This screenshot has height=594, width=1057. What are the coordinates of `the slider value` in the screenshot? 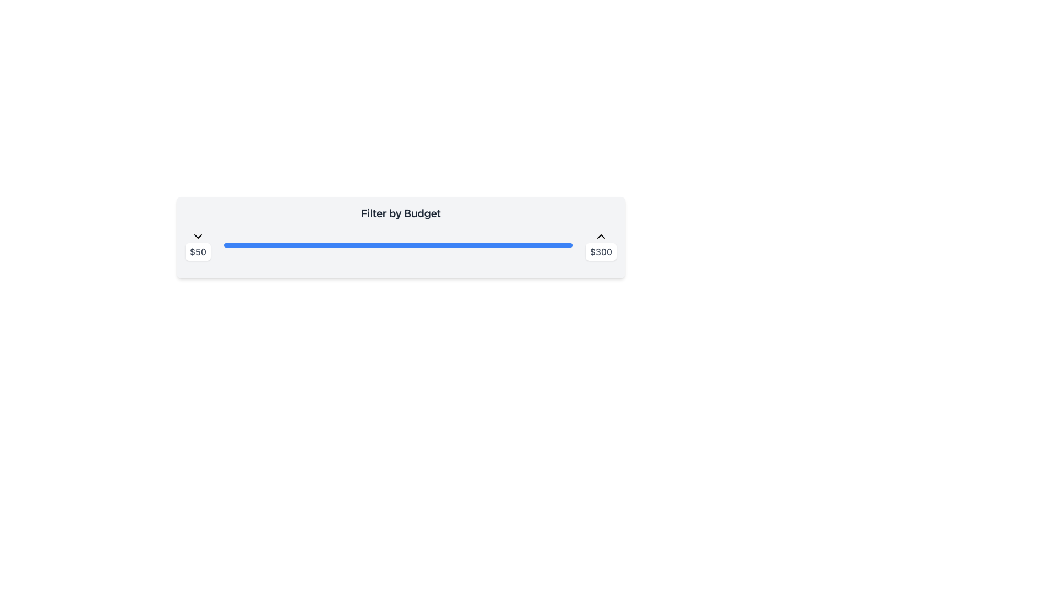 It's located at (454, 245).